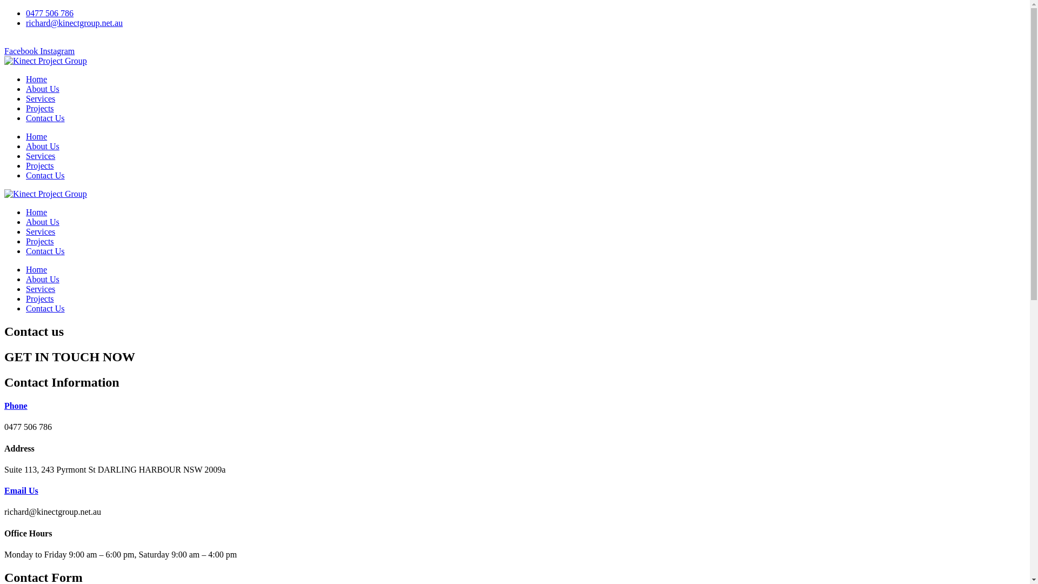 This screenshot has width=1038, height=584. Describe the element at coordinates (39, 108) in the screenshot. I see `'Projects'` at that location.